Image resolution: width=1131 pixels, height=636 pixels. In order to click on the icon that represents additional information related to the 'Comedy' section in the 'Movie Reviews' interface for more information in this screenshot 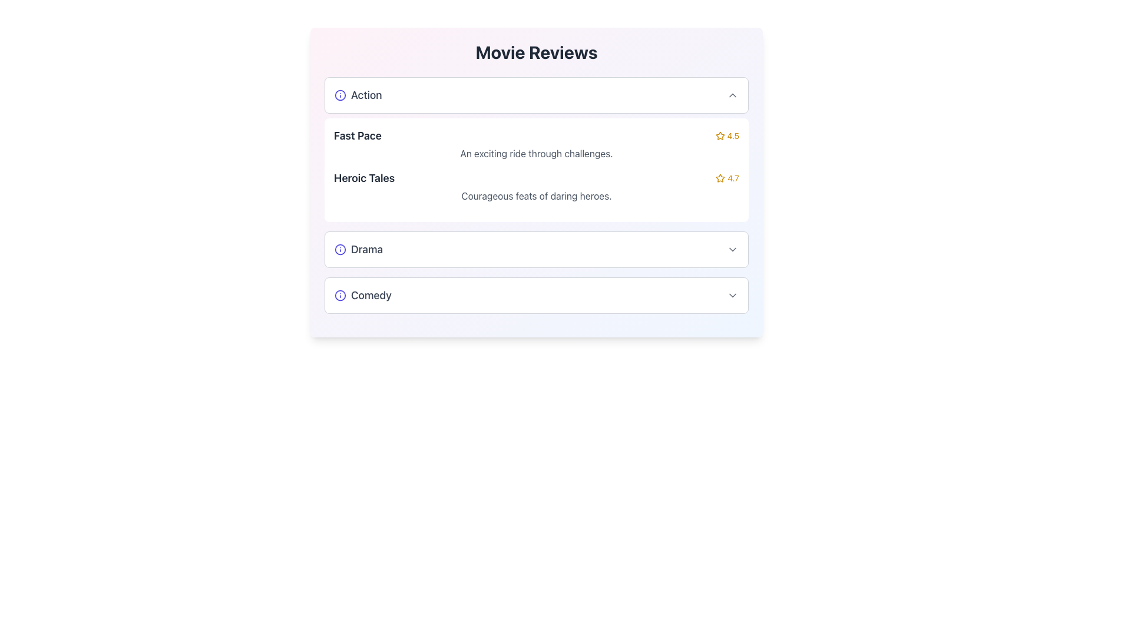, I will do `click(339, 294)`.